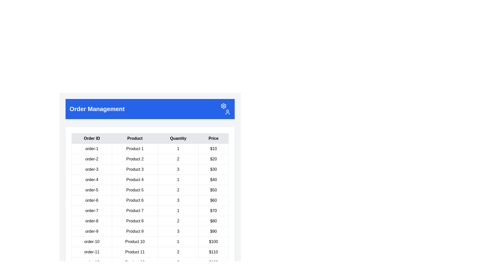 The width and height of the screenshot is (484, 272). I want to click on the text field displaying the product name in the second column of the ninth row in the table structure, so click(135, 231).